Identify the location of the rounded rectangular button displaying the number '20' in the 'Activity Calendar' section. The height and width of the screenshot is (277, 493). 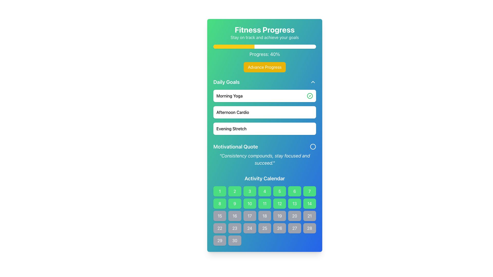
(295, 216).